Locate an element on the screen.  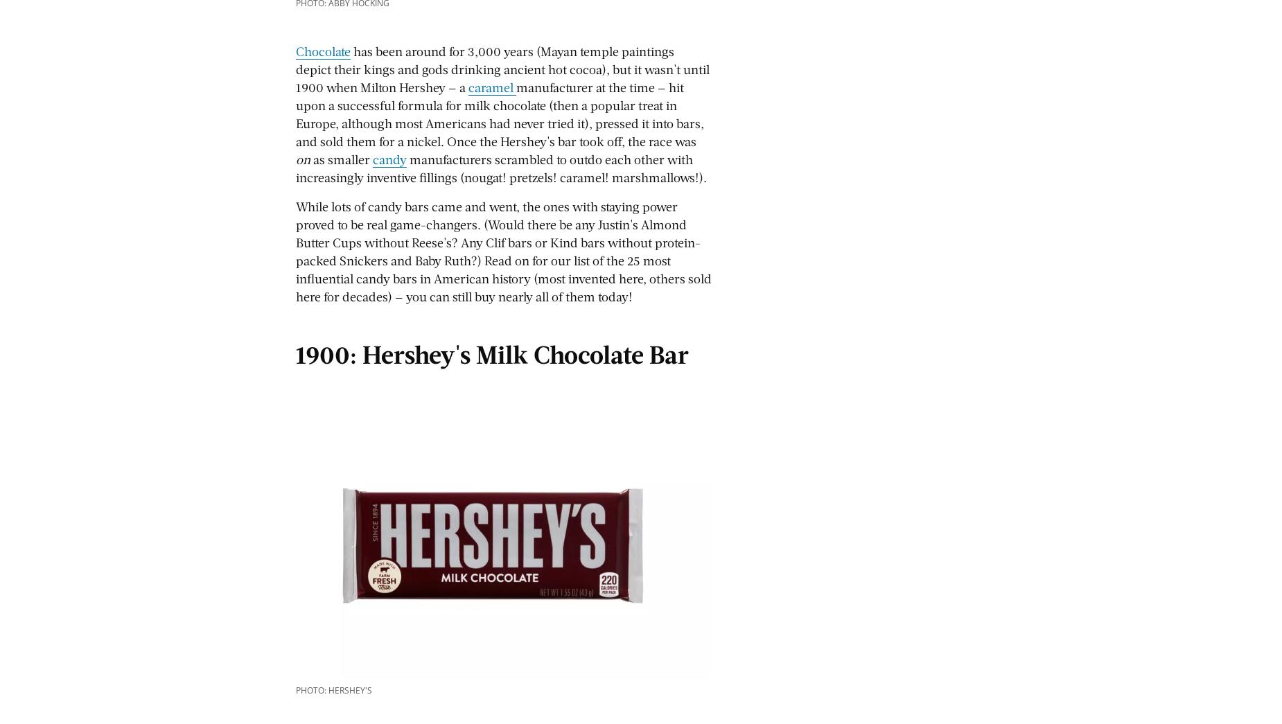
'1900: Hershey's Milk Chocolate Bar' is located at coordinates (492, 353).